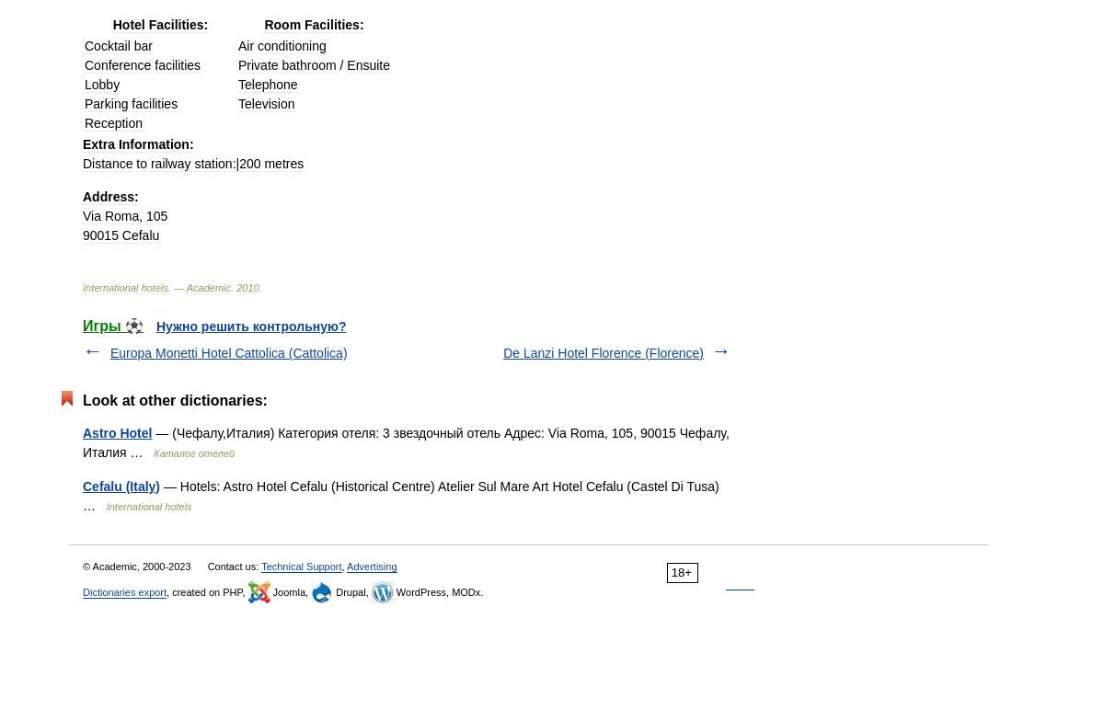 The width and height of the screenshot is (1104, 710). Describe the element at coordinates (351, 592) in the screenshot. I see `'Drupal,'` at that location.